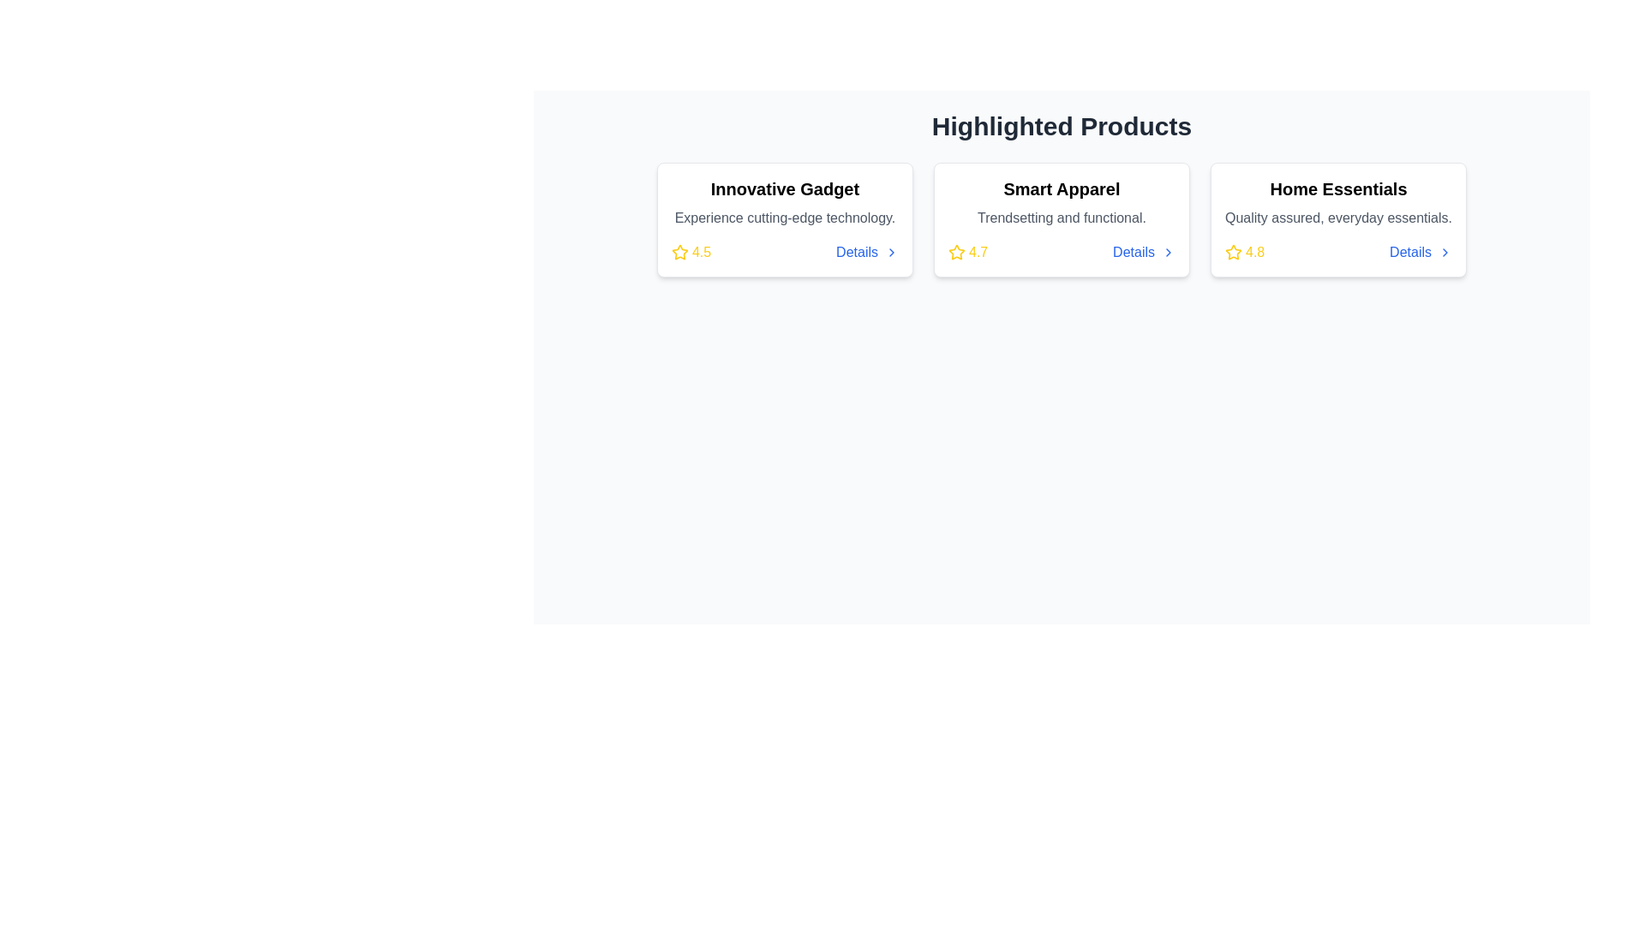  I want to click on the 'Details' link, which is styled as blue, underlined text and is located within the 'Smart Apparel' card, positioned at the bottom right, next to the rating information and star icon, so click(1144, 252).